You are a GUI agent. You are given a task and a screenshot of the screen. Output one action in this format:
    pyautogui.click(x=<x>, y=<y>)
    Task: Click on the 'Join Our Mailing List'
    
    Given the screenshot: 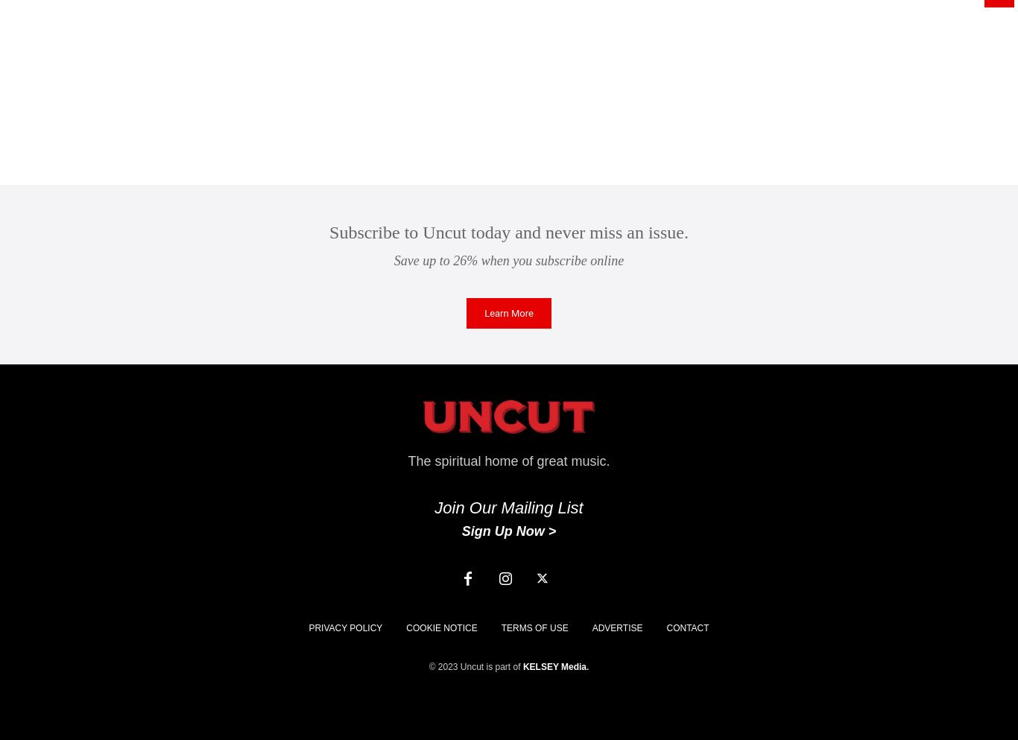 What is the action you would take?
    pyautogui.click(x=508, y=507)
    